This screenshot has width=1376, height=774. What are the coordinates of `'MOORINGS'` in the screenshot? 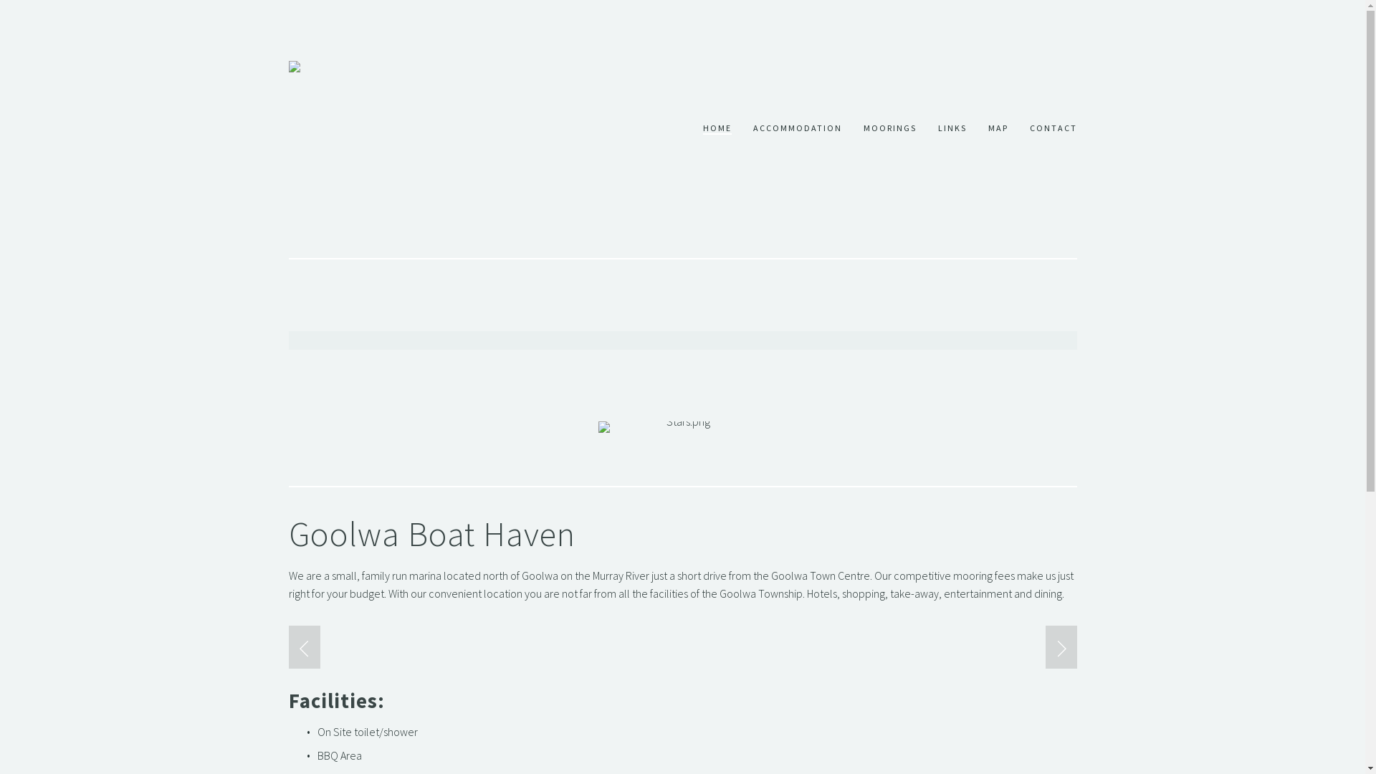 It's located at (889, 129).